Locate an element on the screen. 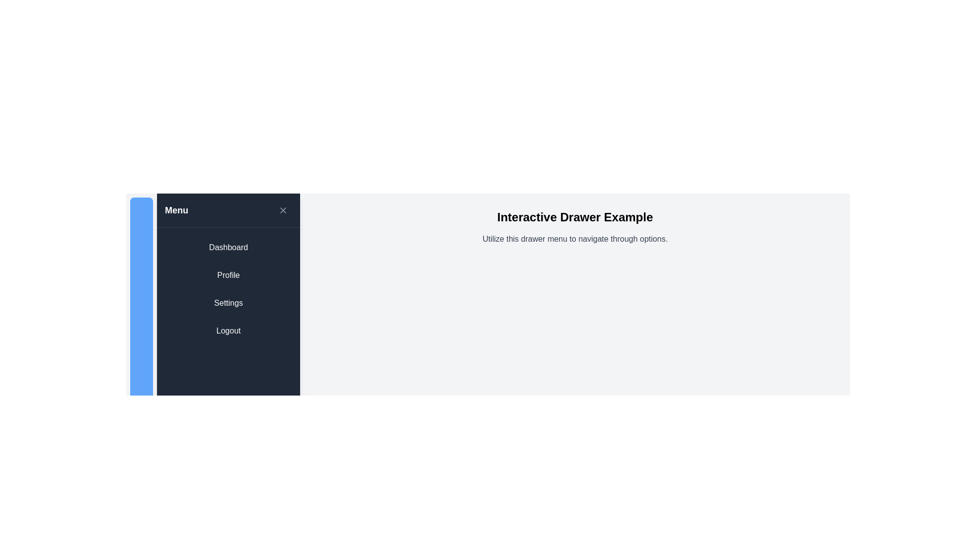 The image size is (954, 536). the second button in the vertical list within the side navigation drawer is located at coordinates (228, 275).